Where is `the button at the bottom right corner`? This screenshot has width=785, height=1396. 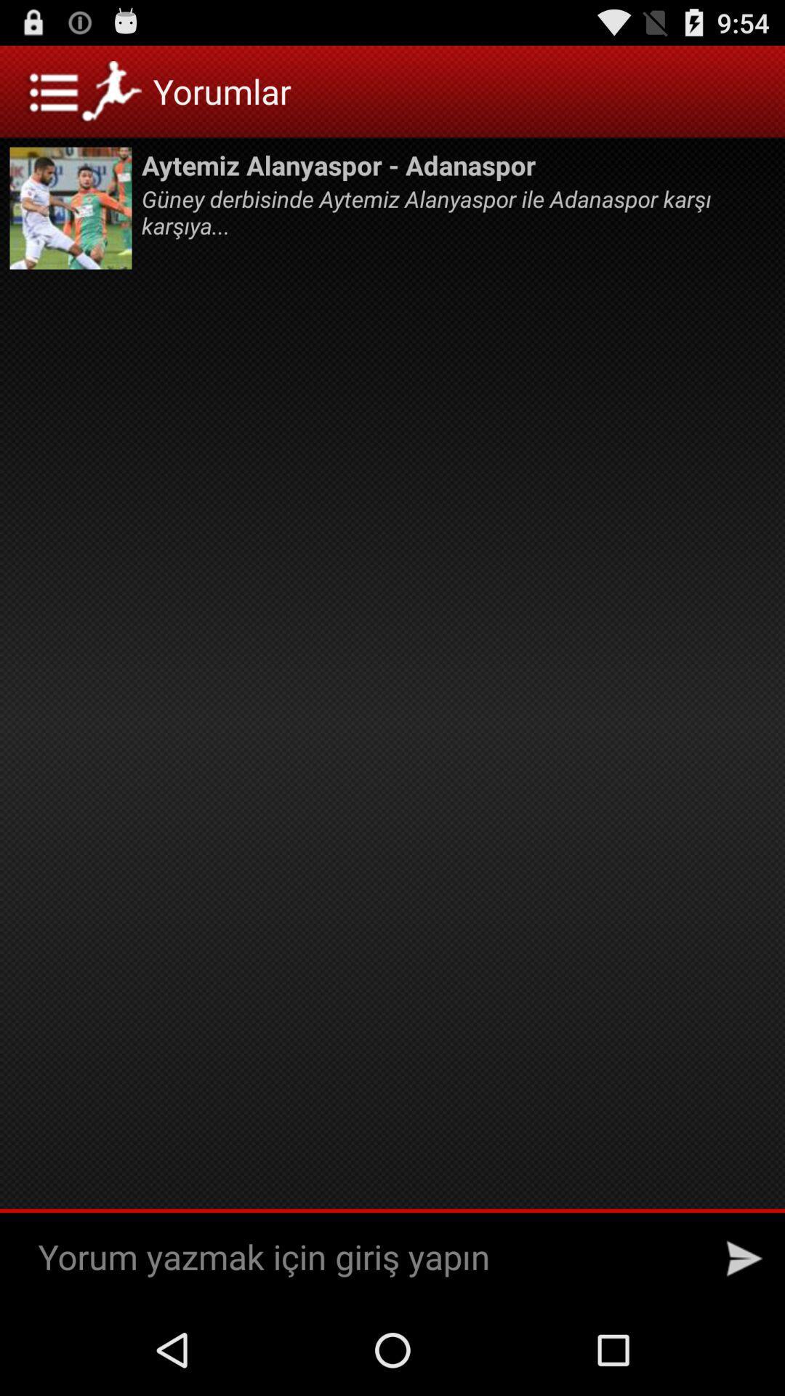
the button at the bottom right corner is located at coordinates (744, 1258).